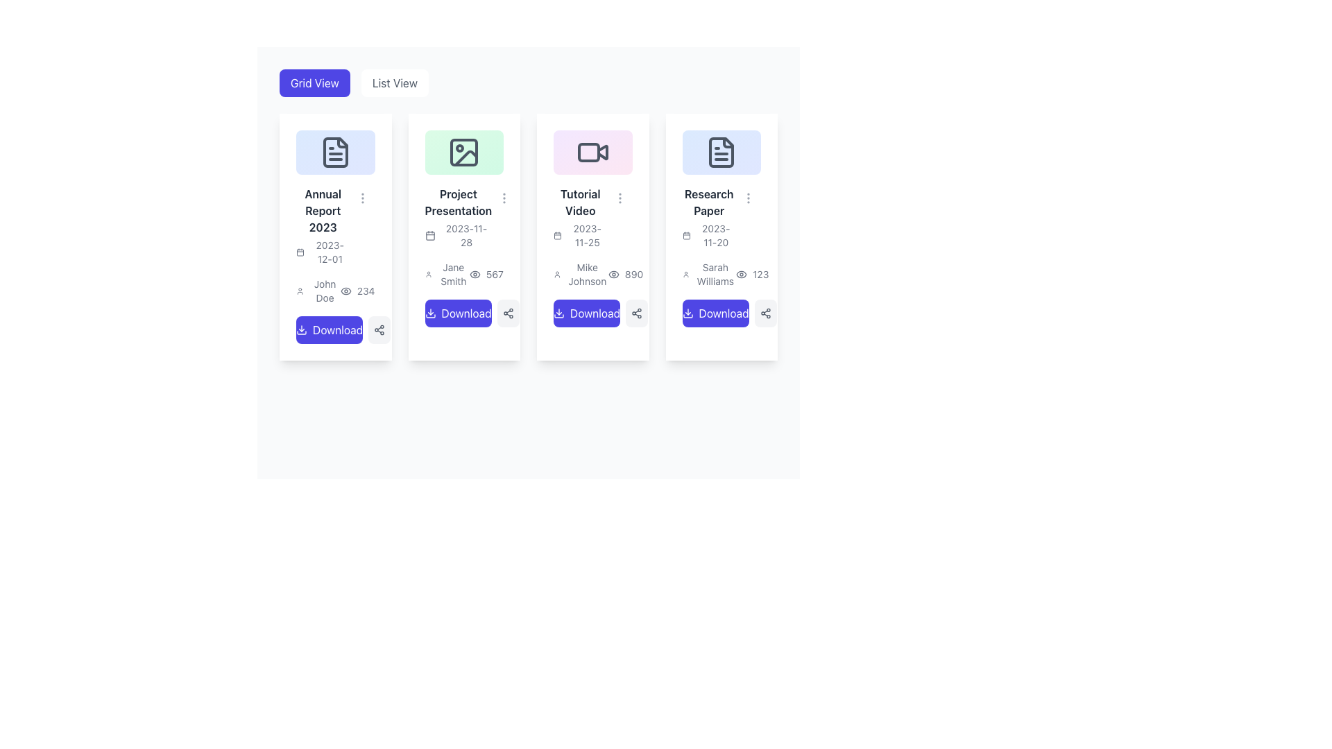  I want to click on the calendar icon located in the third card from the left, below the title 'Tutorial Video', so click(558, 234).